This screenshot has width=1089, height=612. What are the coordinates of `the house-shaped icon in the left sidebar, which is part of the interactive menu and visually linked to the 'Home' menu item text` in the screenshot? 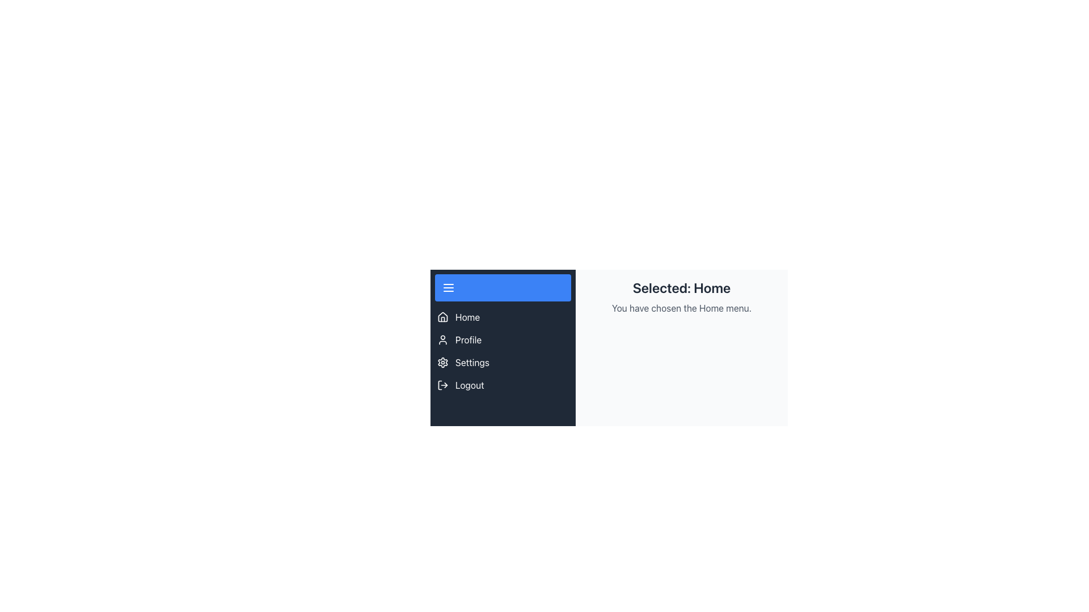 It's located at (442, 317).